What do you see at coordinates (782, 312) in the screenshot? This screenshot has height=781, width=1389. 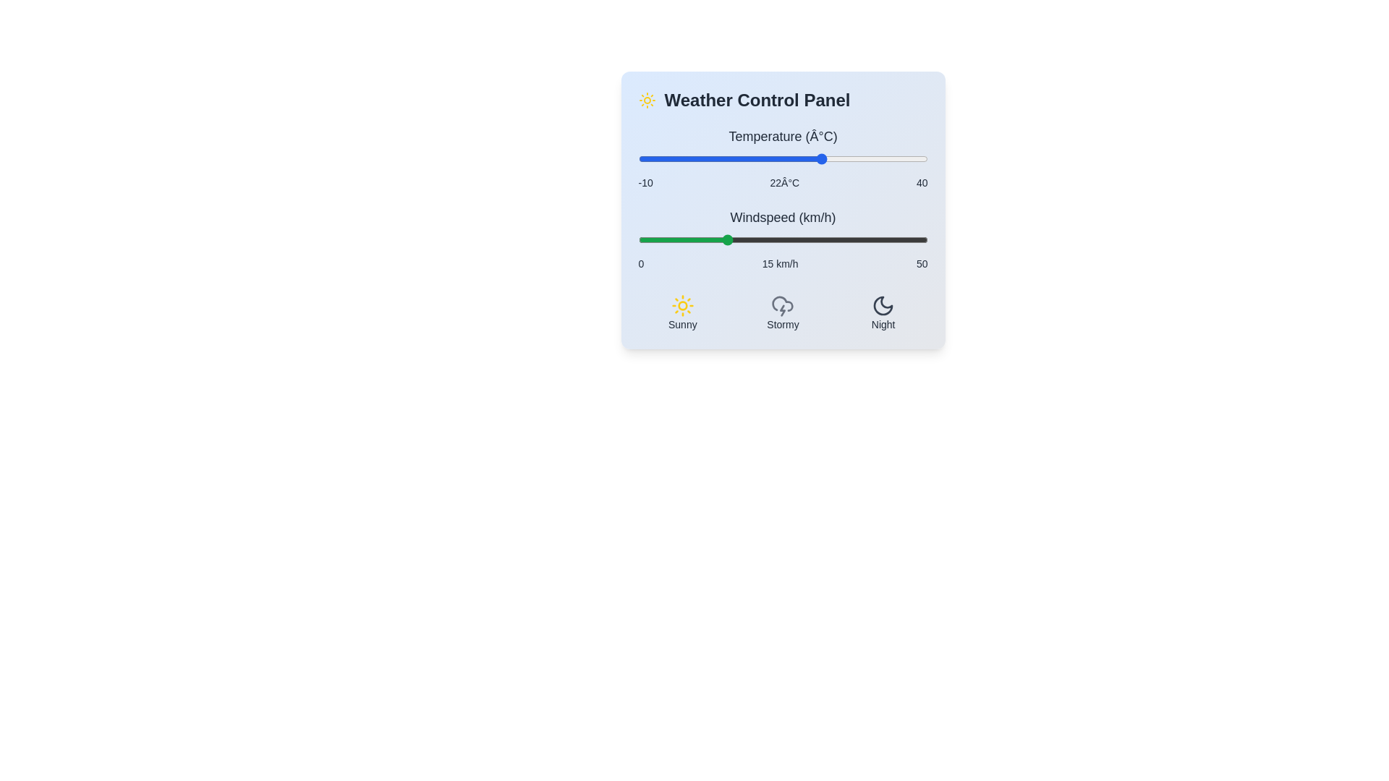 I see `the 'Stormy' weather option, which is represented by a cloudy storm graphic and labeled below, located in the middle of the weather conditions group` at bounding box center [782, 312].